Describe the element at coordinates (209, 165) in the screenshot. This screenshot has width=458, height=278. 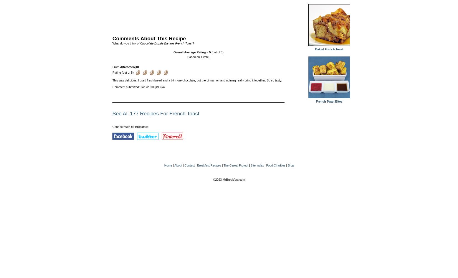
I see `'Breakfast Recipes'` at that location.